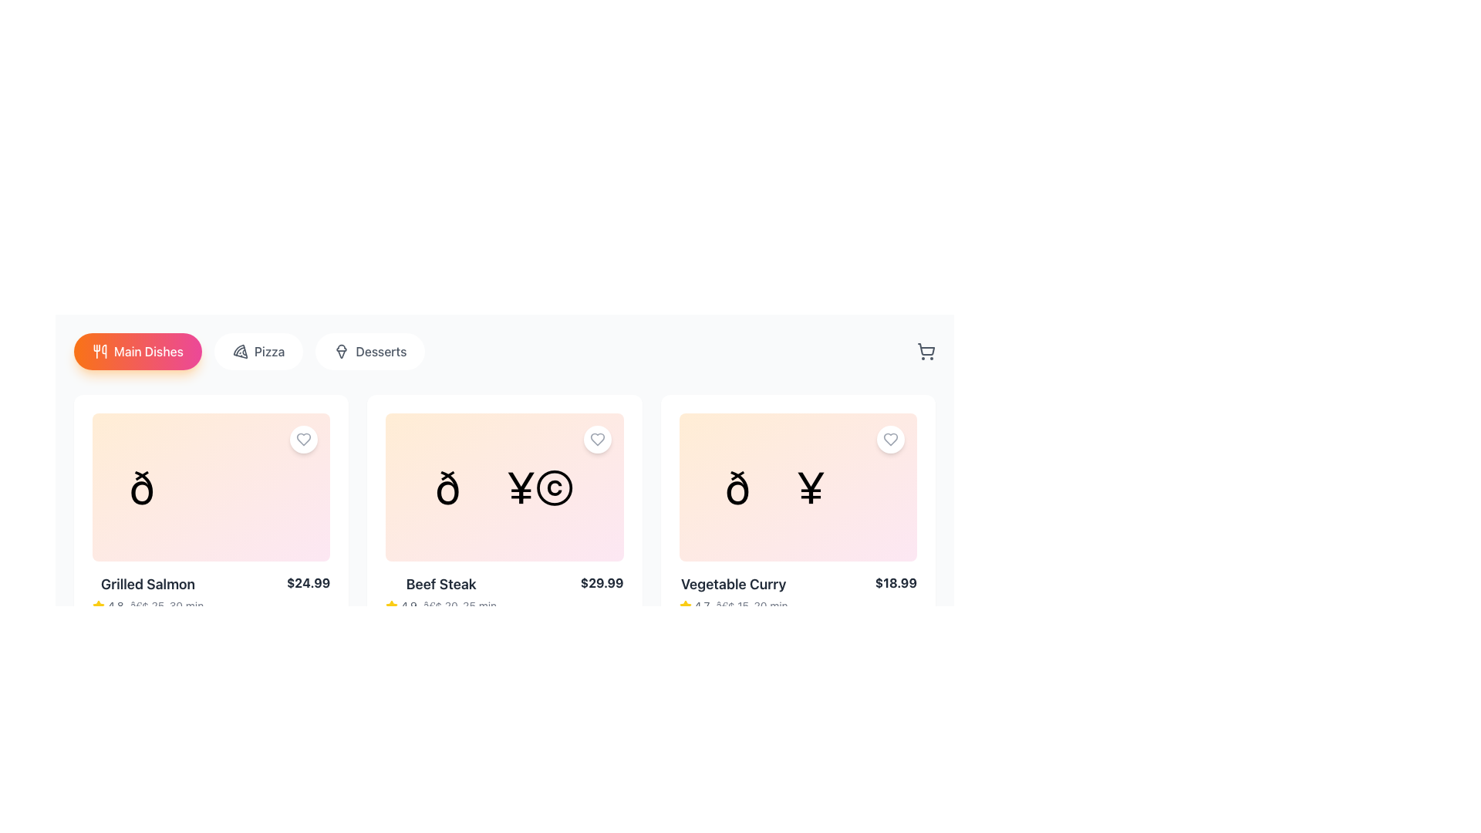 This screenshot has width=1481, height=833. What do you see at coordinates (148, 585) in the screenshot?
I see `the Text label displaying the name of the dish 'Grilled Salmon' located at the bottom of its card in a horizontally aligned list` at bounding box center [148, 585].